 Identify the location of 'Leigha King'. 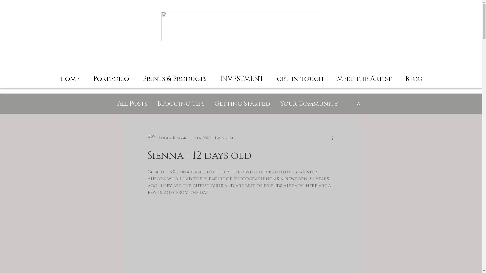
(147, 138).